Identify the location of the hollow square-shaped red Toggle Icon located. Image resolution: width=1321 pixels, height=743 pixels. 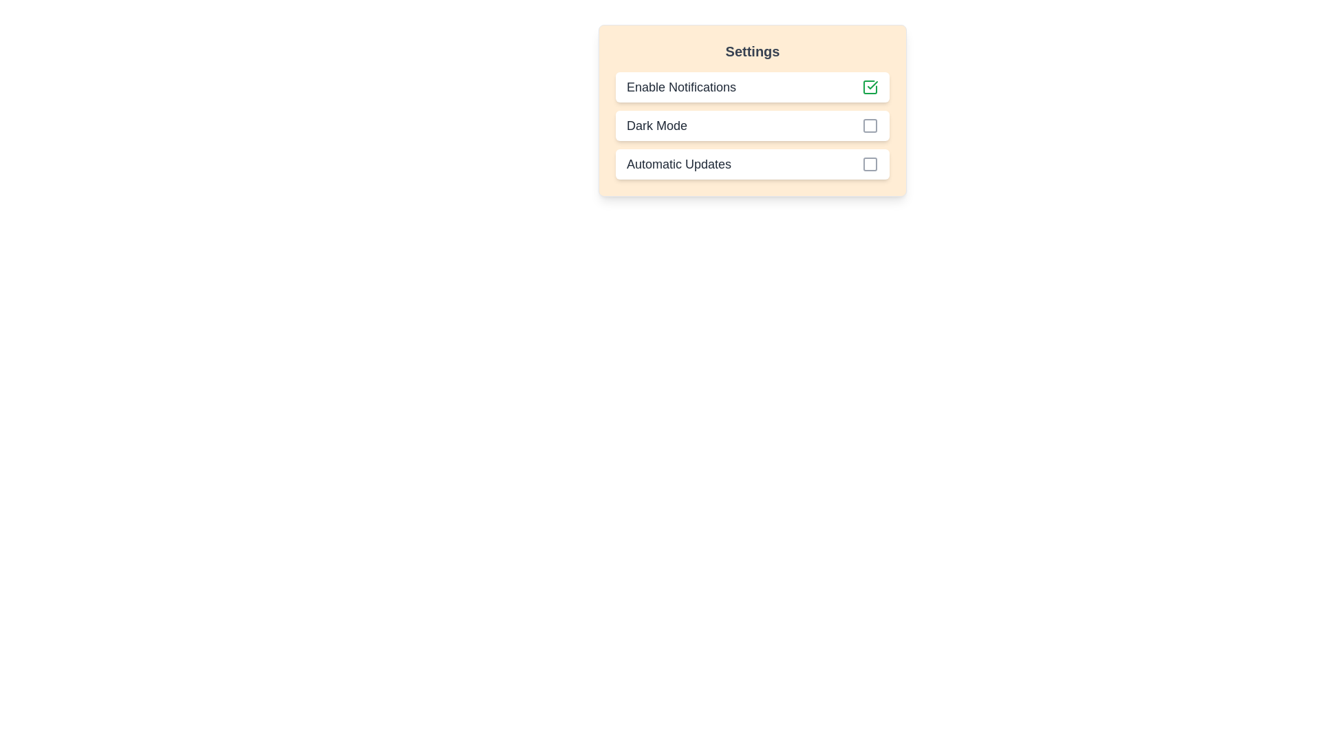
(870, 125).